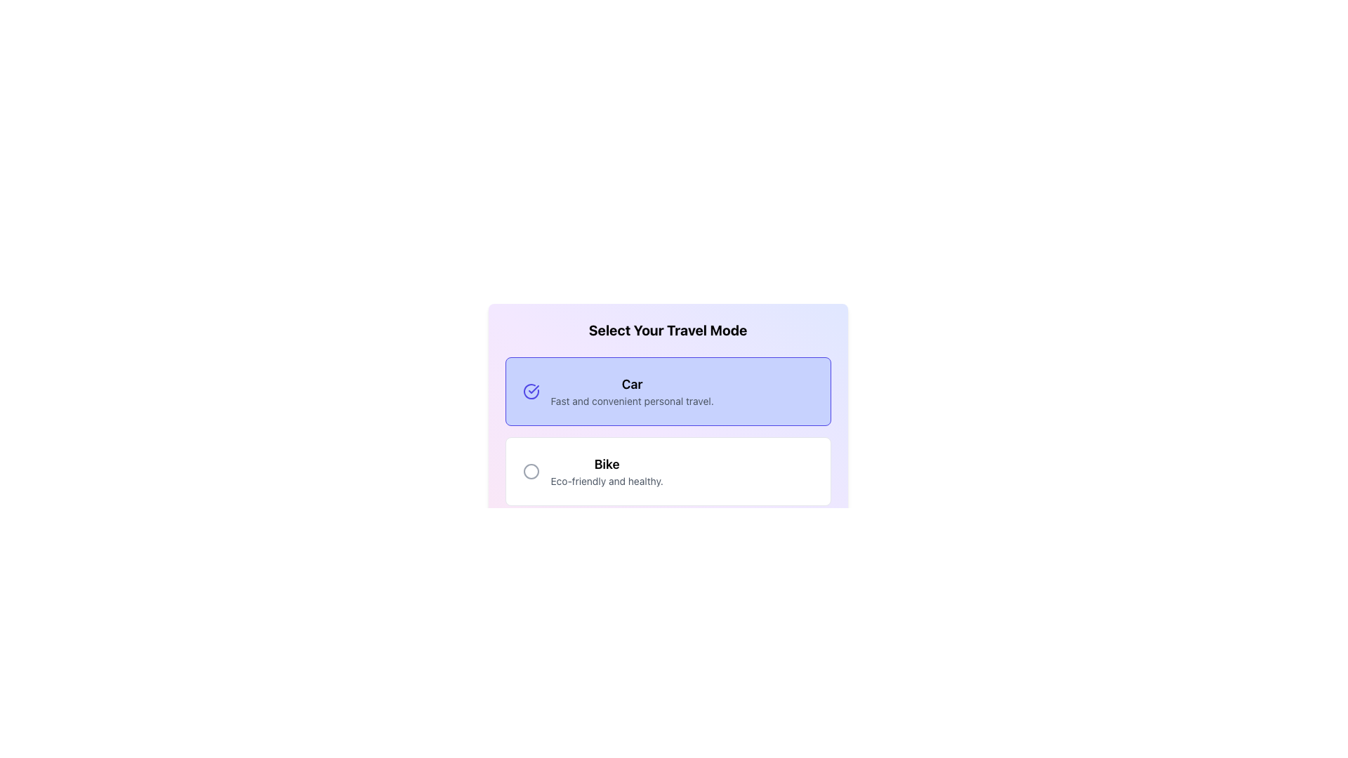  What do you see at coordinates (631, 392) in the screenshot?
I see `the text label displaying information about the 'Car' travel mode within the selectable card, which is styled with blue hues and positioned beneath the title 'Select Your Travel Mode.'` at bounding box center [631, 392].